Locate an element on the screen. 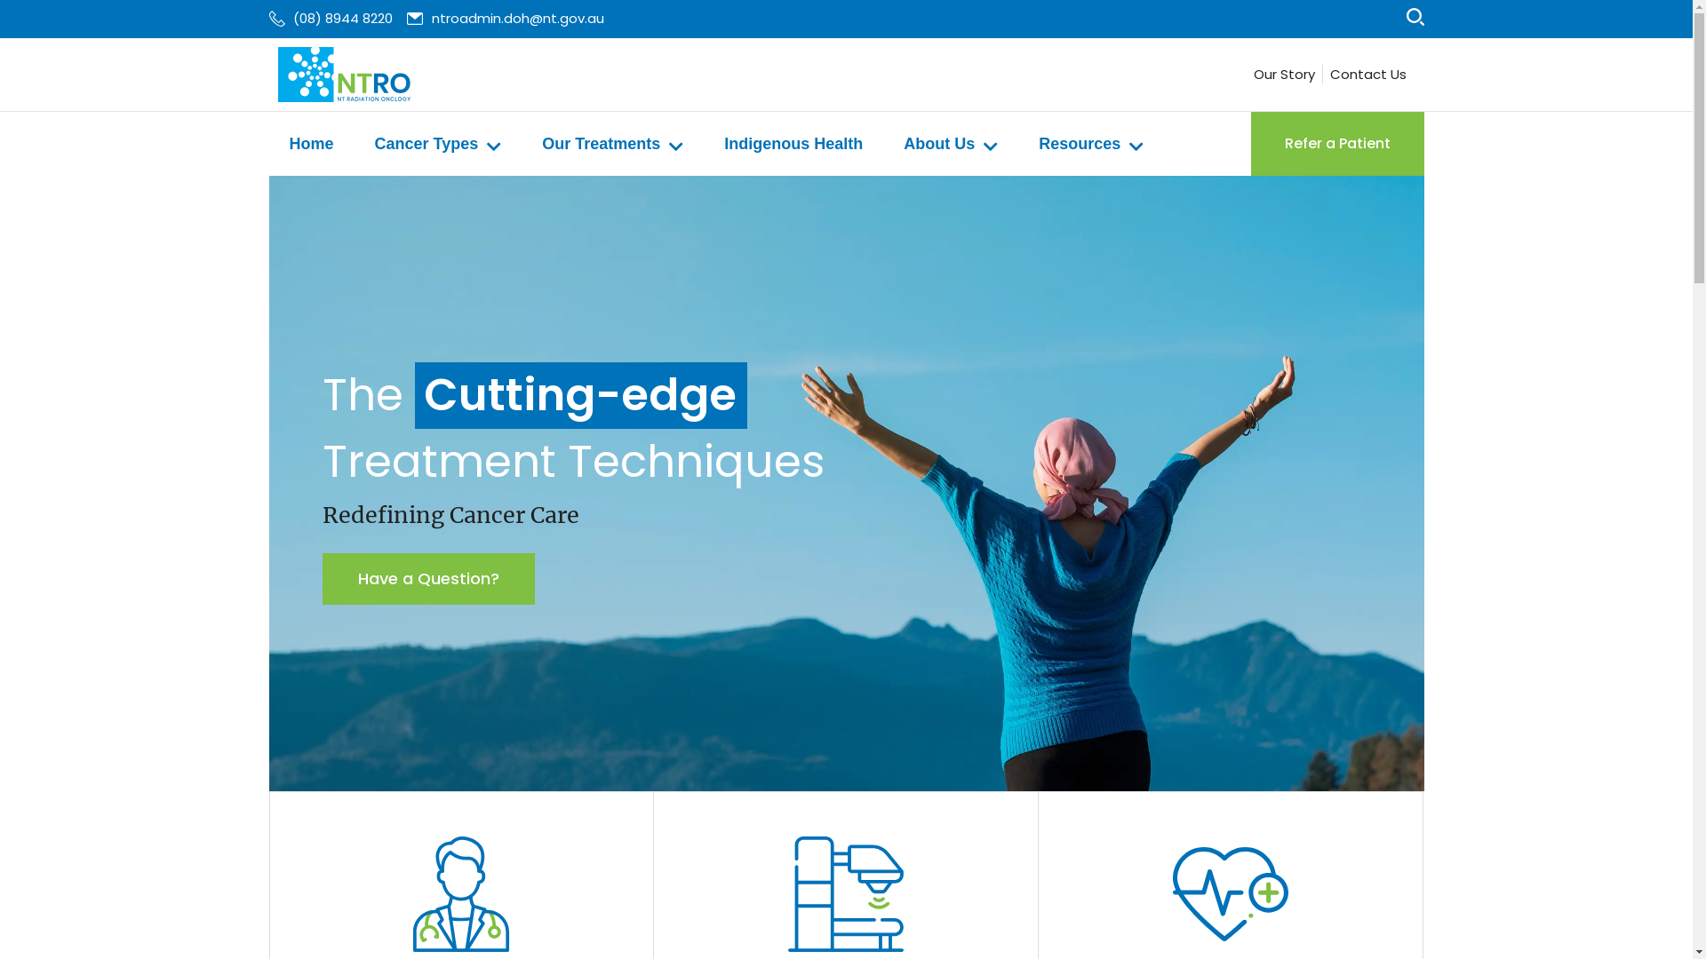 The width and height of the screenshot is (1706, 959). 'Have a Question?' is located at coordinates (321, 578).